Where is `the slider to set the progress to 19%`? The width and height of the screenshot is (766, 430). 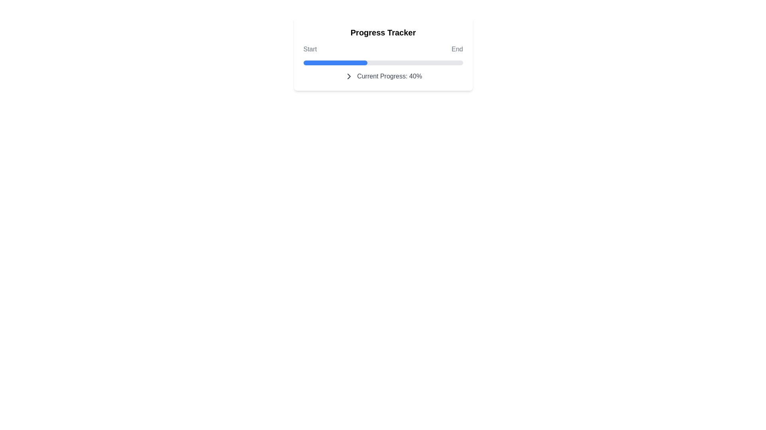 the slider to set the progress to 19% is located at coordinates (413, 63).